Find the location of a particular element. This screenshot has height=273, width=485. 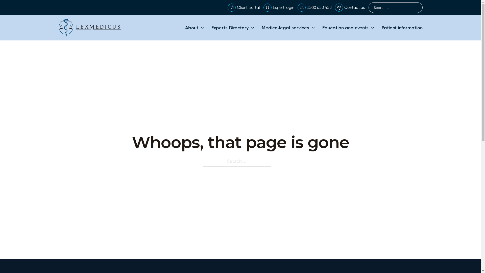

'1300 633 453' is located at coordinates (319, 8).